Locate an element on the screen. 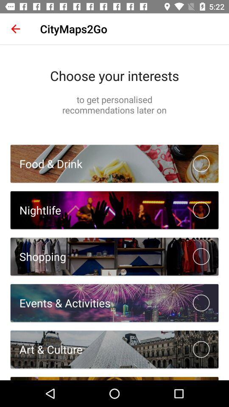  the art & culture is located at coordinates (46, 349).